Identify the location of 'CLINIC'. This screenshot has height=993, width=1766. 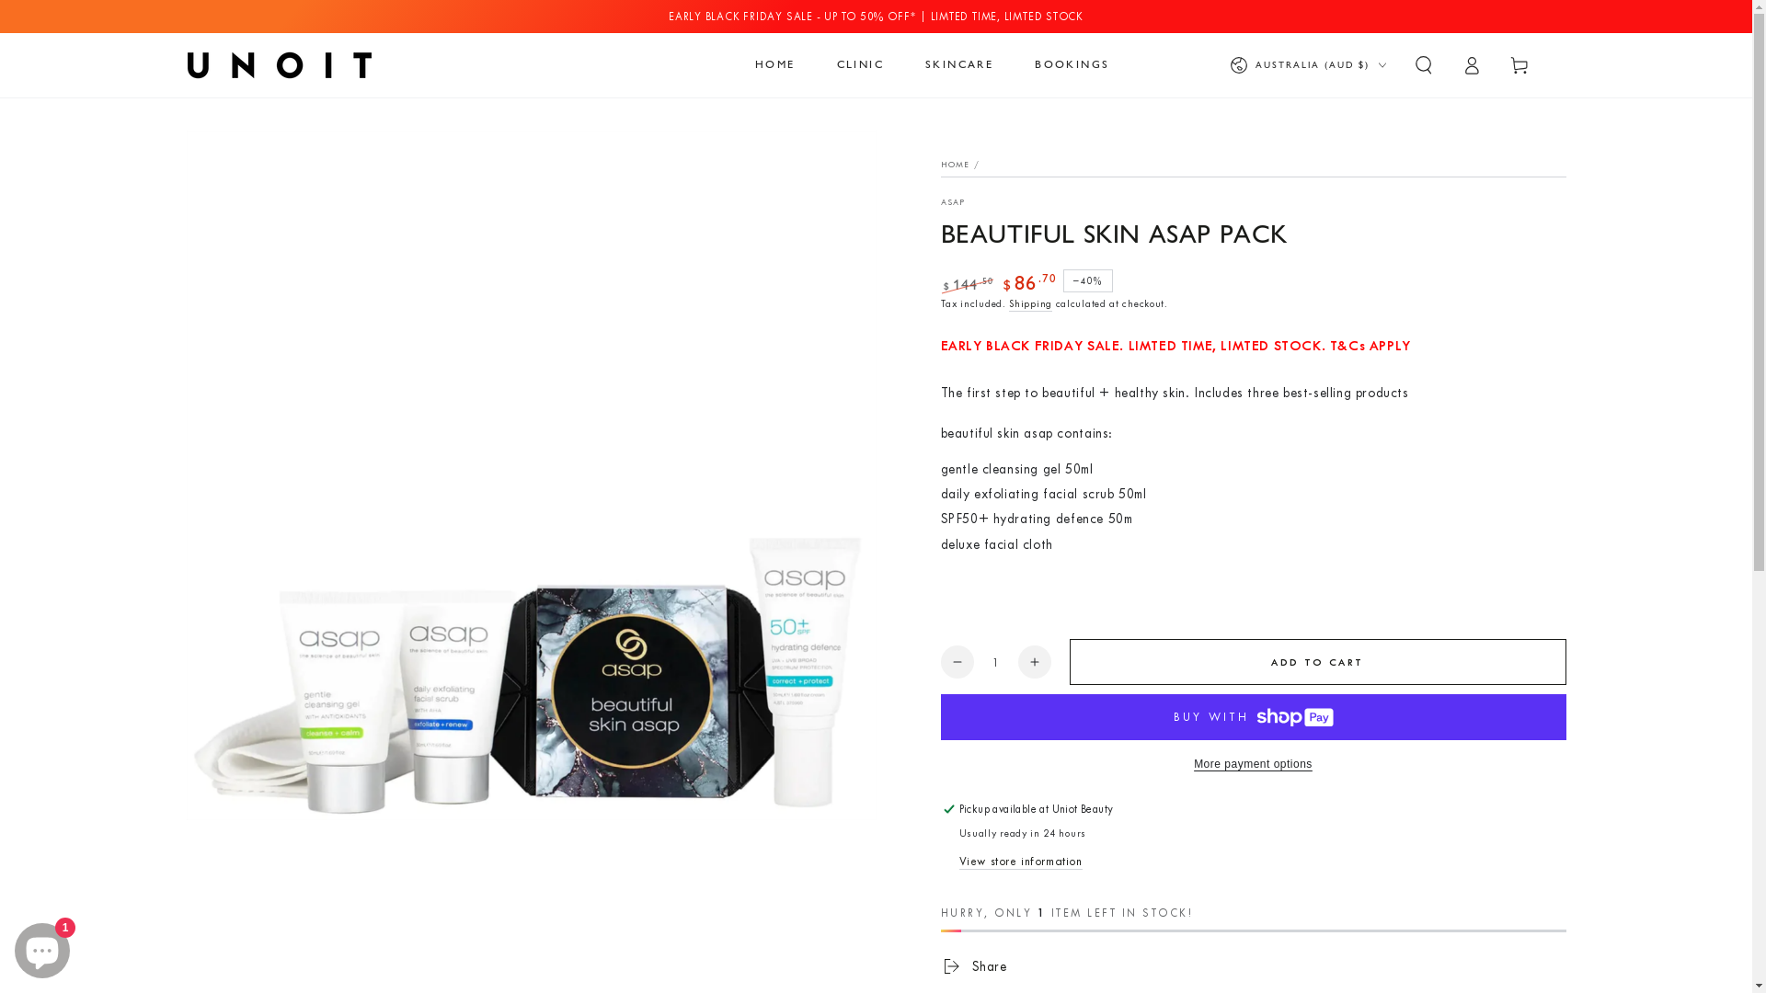
(859, 63).